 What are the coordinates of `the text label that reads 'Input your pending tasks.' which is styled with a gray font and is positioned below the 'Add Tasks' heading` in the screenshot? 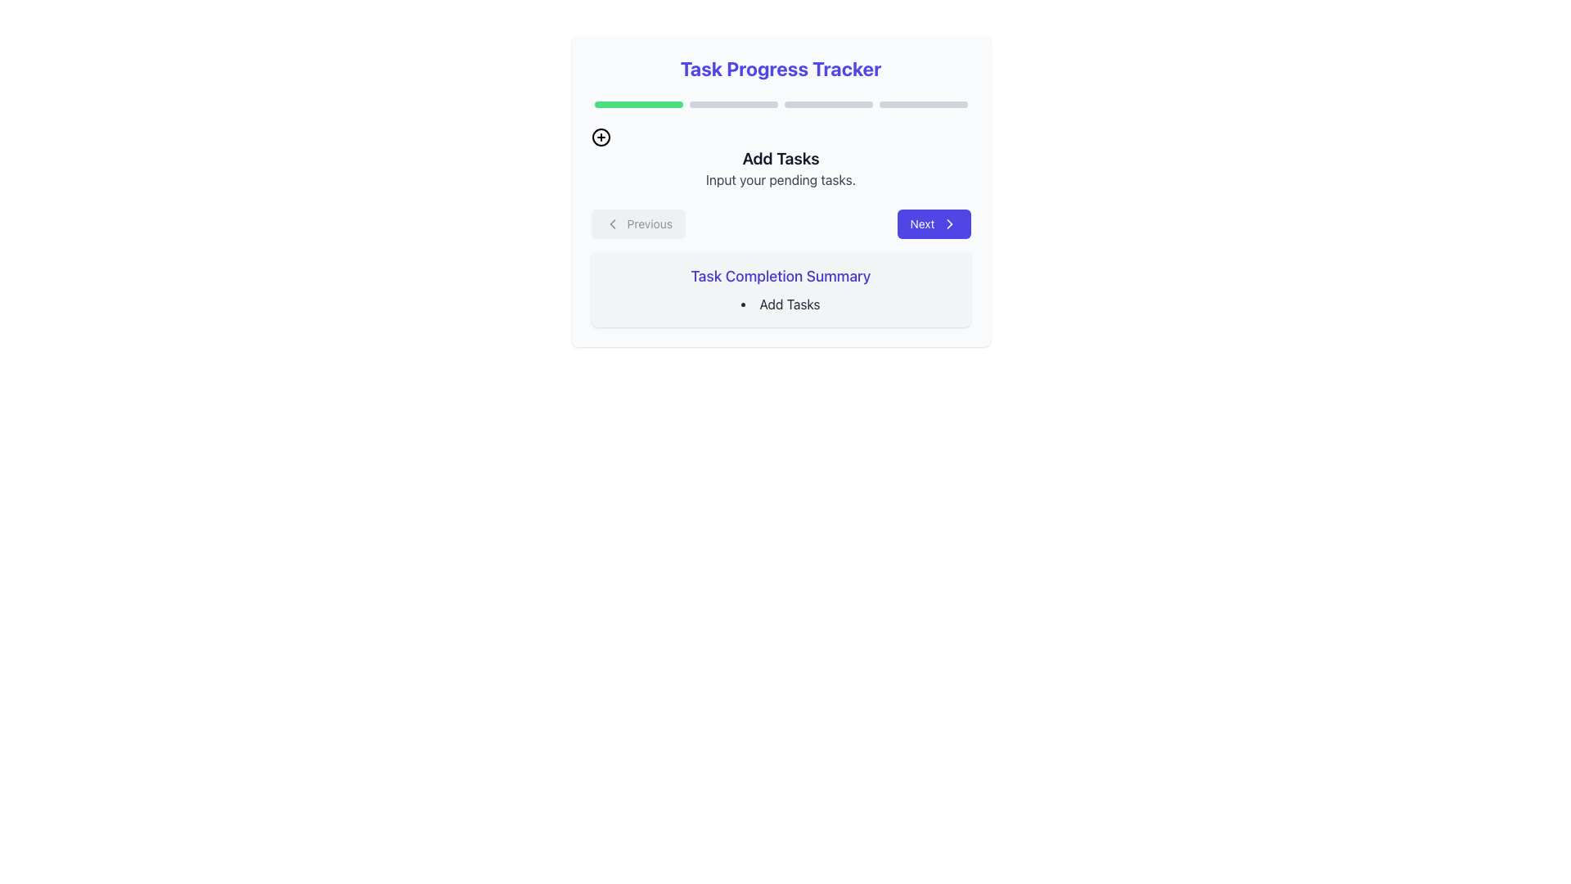 It's located at (780, 179).